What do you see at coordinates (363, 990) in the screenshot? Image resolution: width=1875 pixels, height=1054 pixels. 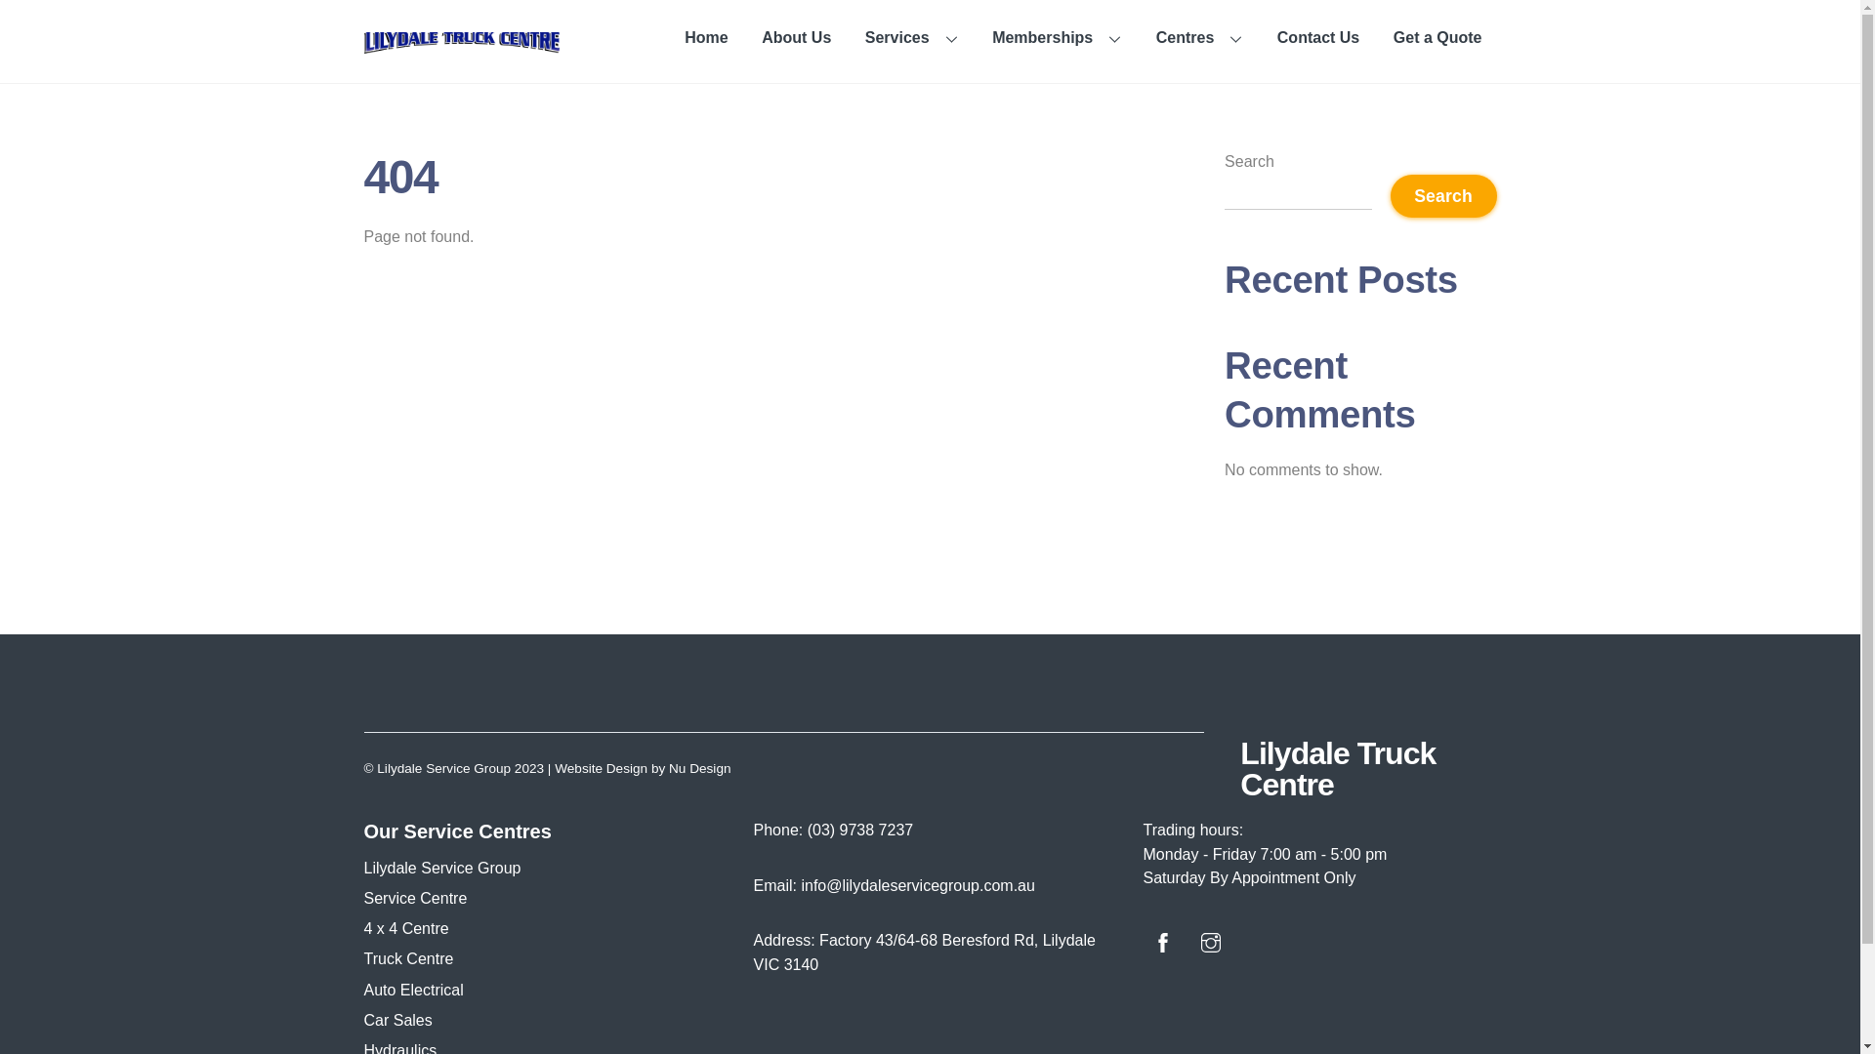 I see `'Auto Electrical'` at bounding box center [363, 990].